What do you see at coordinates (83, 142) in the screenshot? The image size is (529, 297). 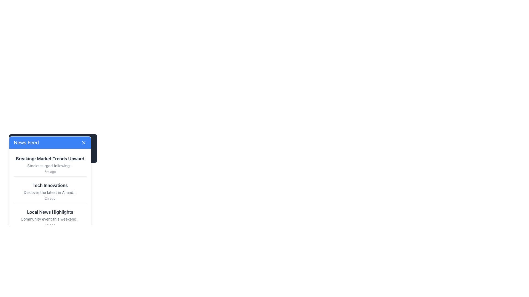 I see `the 'X' icon located at the top-right corner of the blue header bar in the 'News Feed' card` at bounding box center [83, 142].